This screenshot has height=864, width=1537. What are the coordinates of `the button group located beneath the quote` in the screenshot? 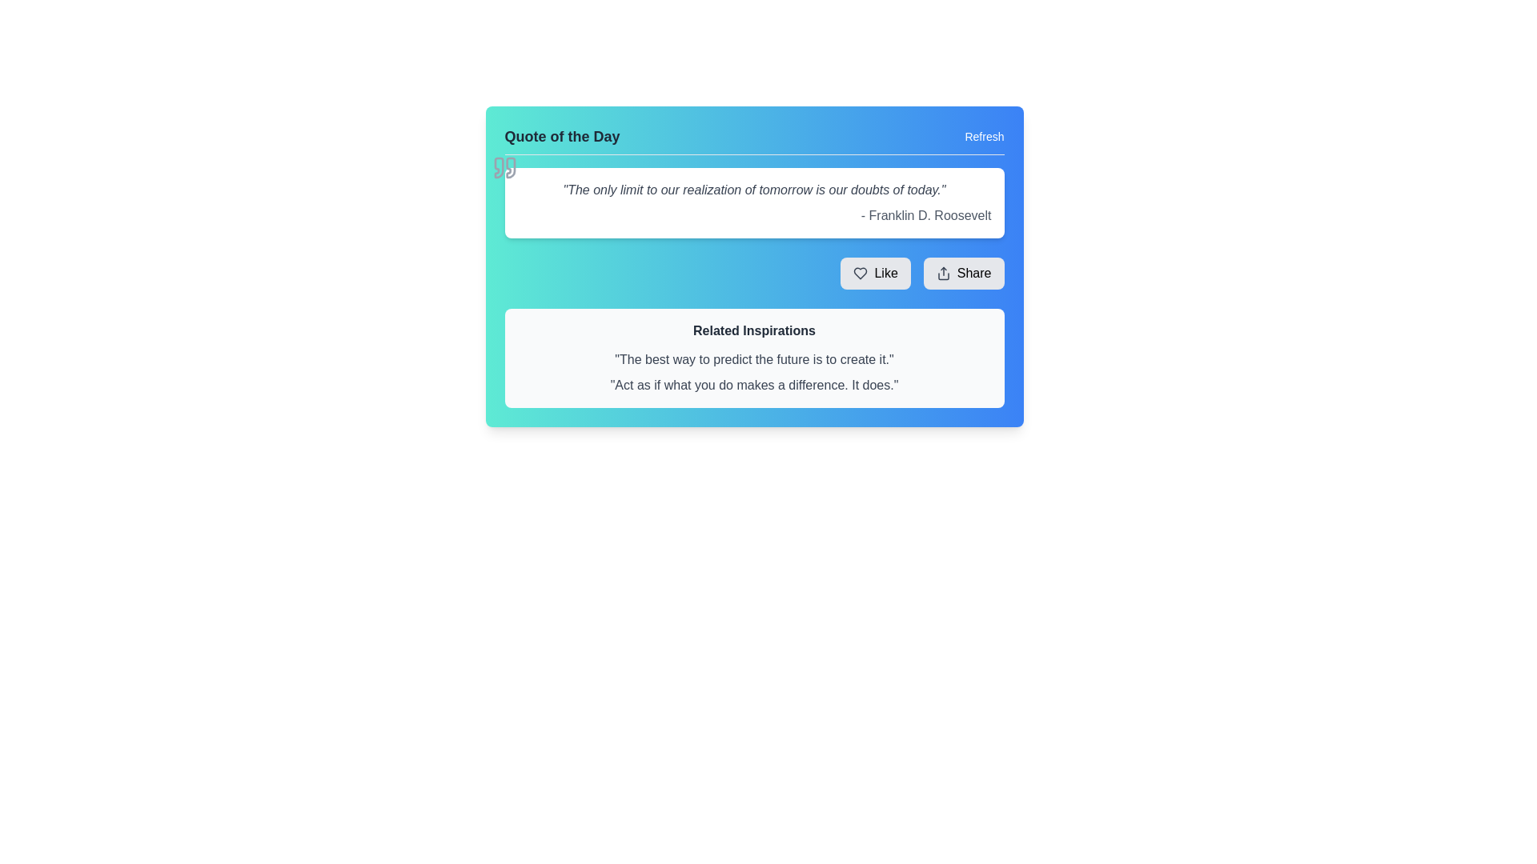 It's located at (753, 273).